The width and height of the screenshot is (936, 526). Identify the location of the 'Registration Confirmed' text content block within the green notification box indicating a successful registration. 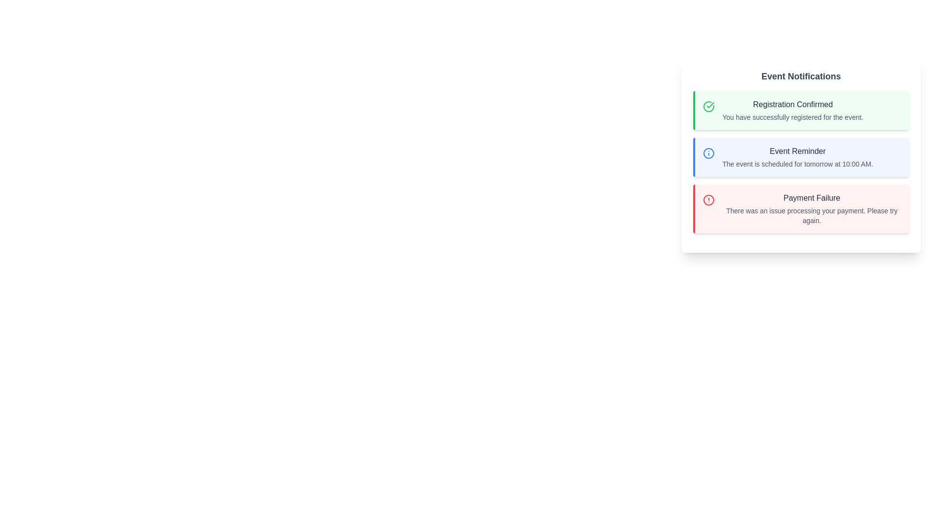
(793, 110).